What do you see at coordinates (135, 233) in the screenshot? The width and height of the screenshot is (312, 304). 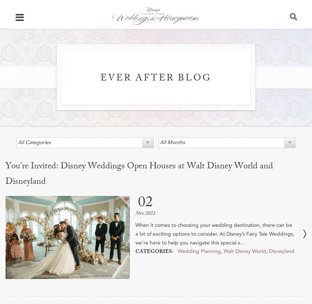 I see `'When it comes to choosing your wedding destination, there can be a lot of exciting options to consider. At Disney’s Fairy Tale Weddings, we’re here to help you navigate this special s...'` at bounding box center [135, 233].